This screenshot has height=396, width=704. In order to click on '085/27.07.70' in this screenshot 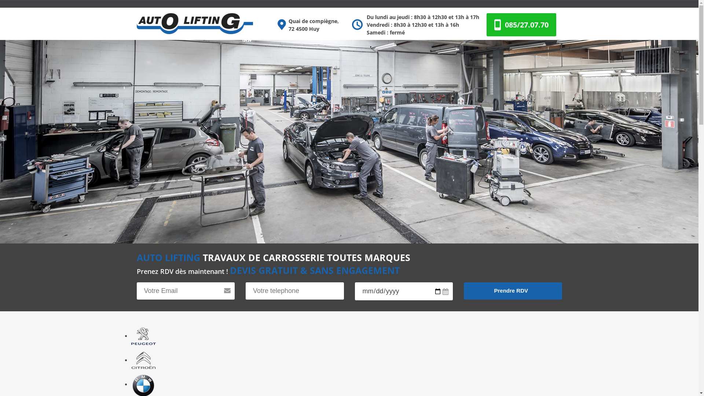, I will do `click(526, 24)`.